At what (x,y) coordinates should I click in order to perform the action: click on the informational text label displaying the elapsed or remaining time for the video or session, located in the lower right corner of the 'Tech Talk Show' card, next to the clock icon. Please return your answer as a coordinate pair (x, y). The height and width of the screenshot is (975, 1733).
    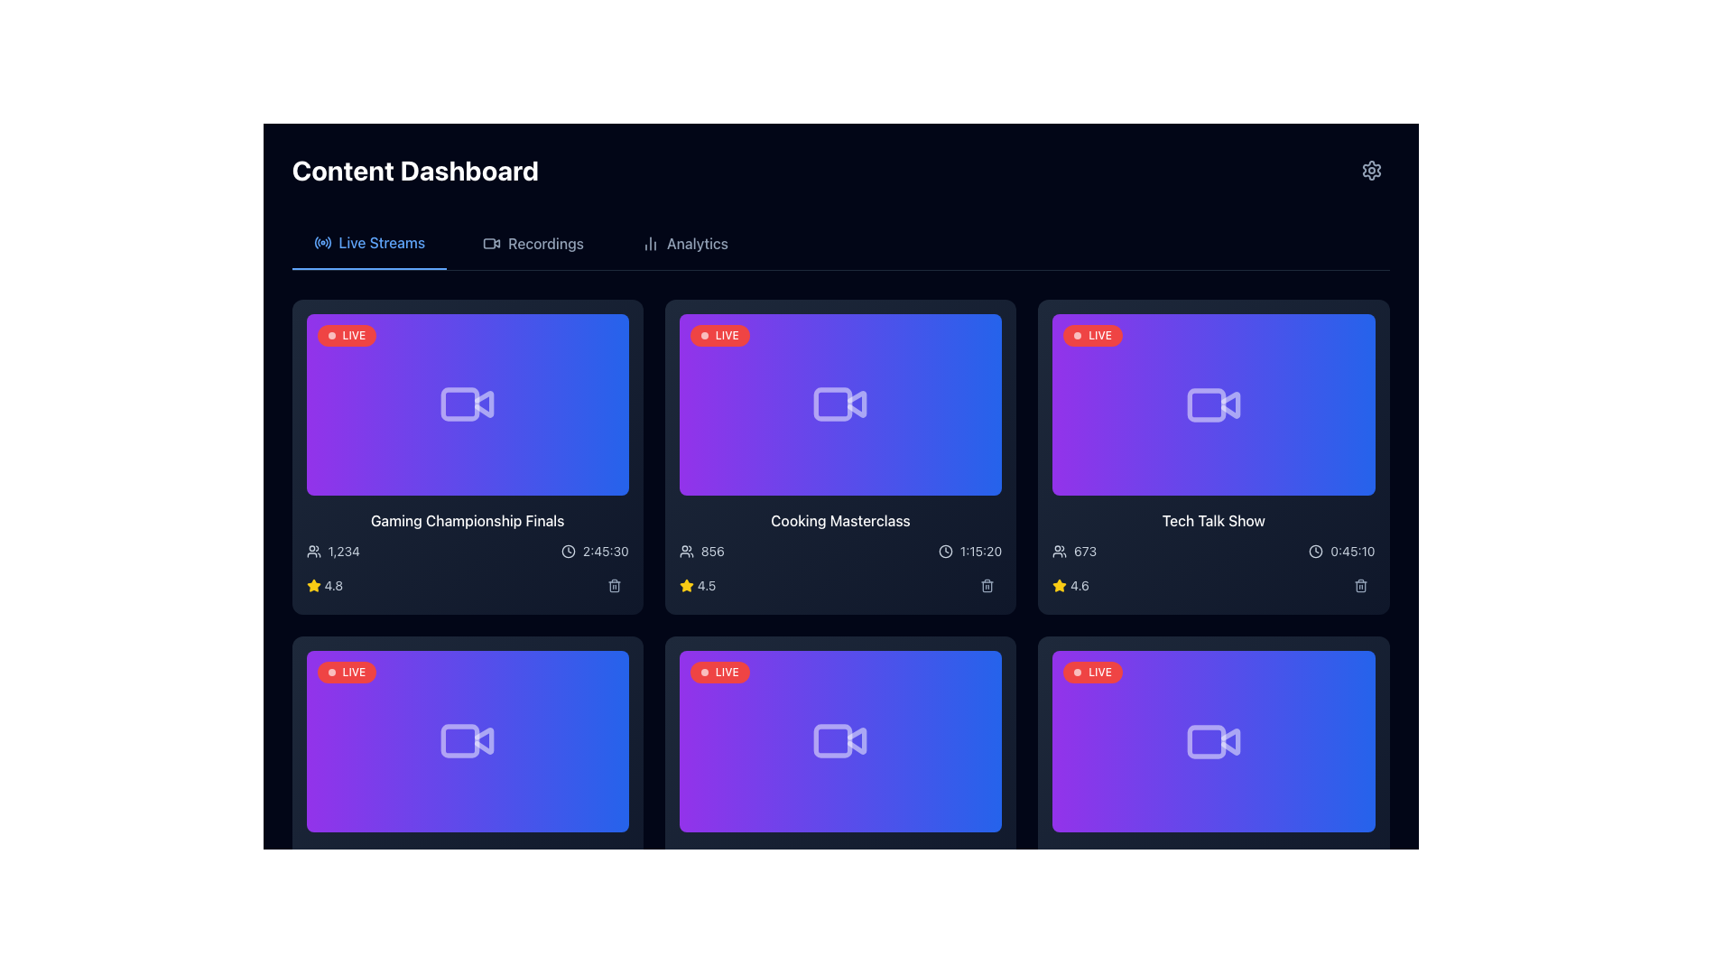
    Looking at the image, I should click on (1352, 550).